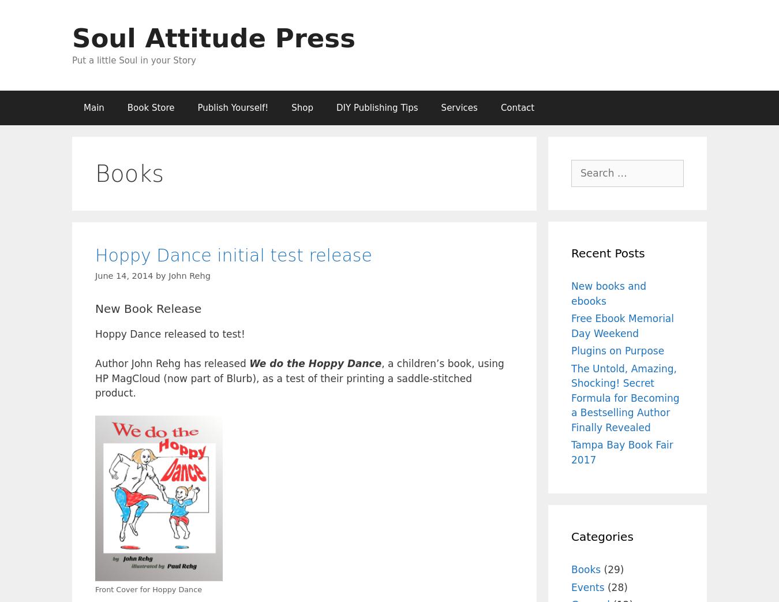  I want to click on 'by', so click(161, 274).